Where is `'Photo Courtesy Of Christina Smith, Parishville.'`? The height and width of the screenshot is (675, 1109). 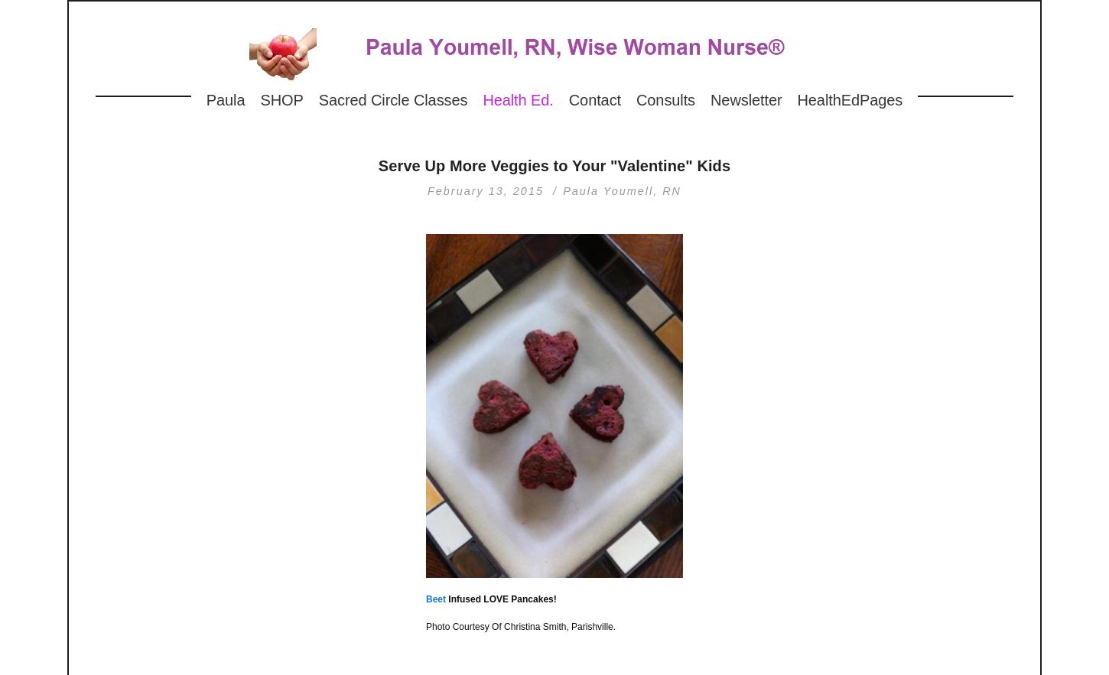
'Photo Courtesy Of Christina Smith, Parishville.' is located at coordinates (520, 625).